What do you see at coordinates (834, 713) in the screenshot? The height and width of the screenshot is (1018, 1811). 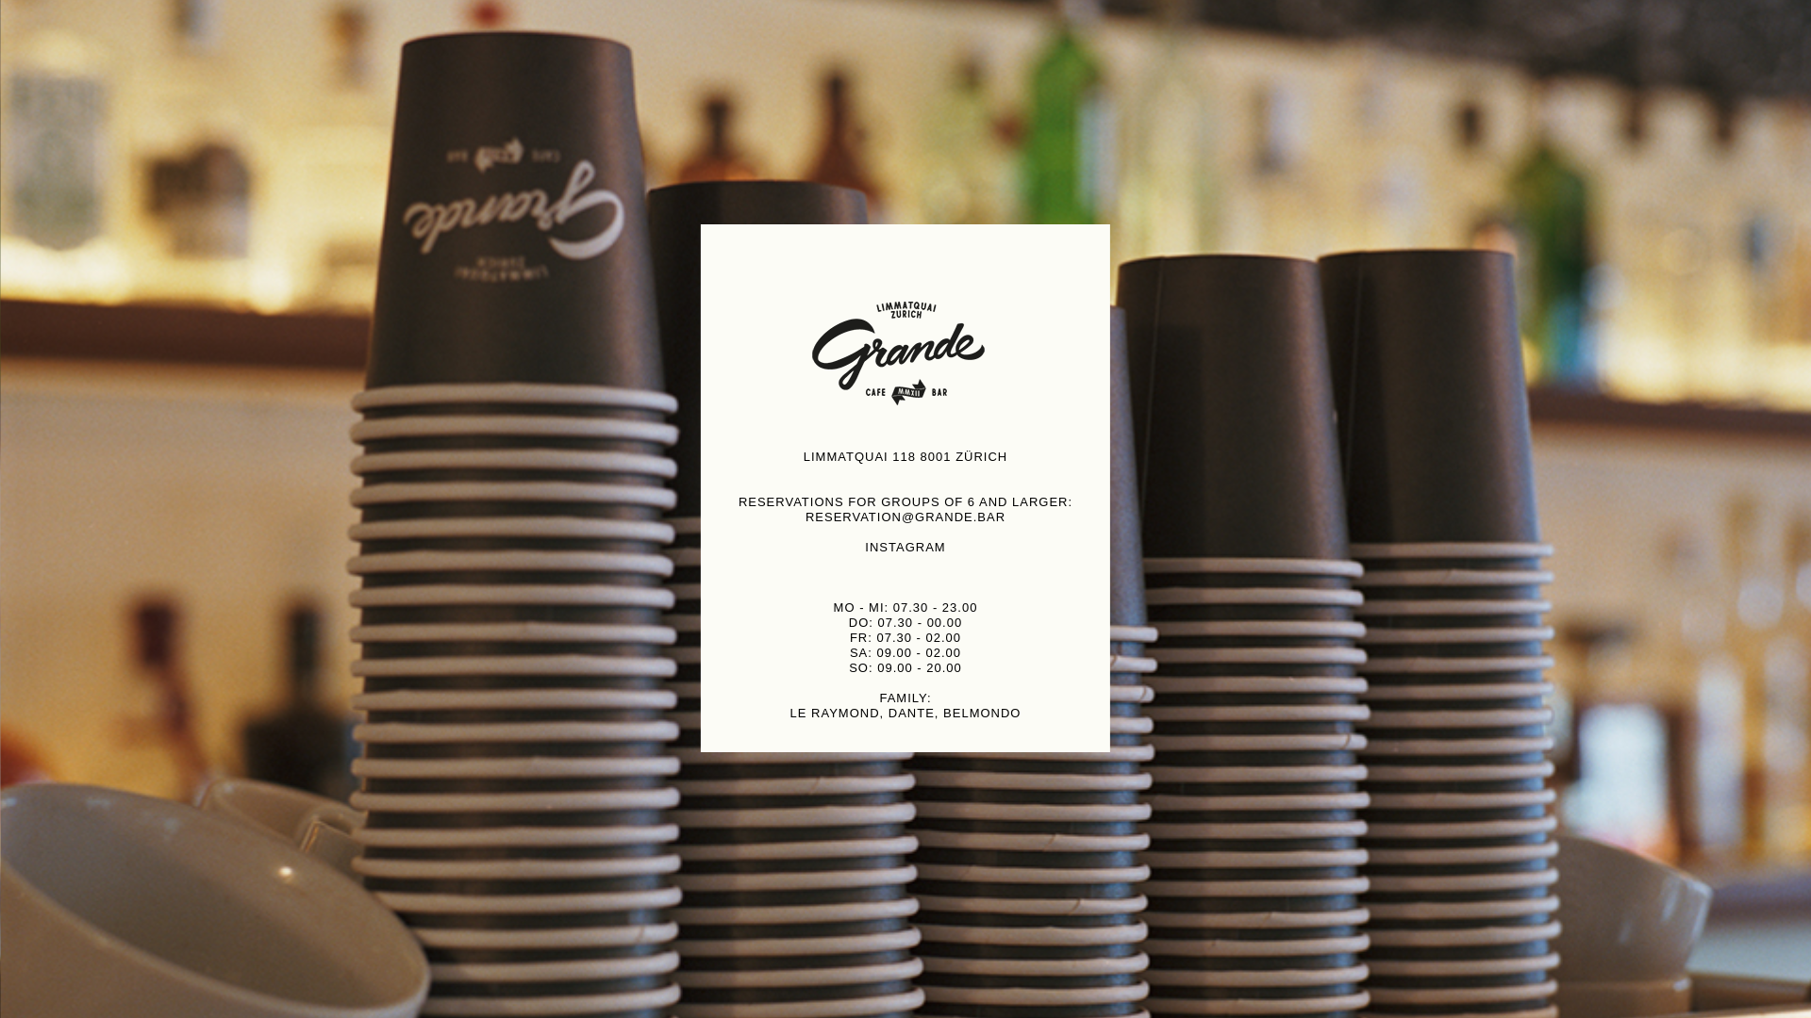 I see `'LE RAYMOND'` at bounding box center [834, 713].